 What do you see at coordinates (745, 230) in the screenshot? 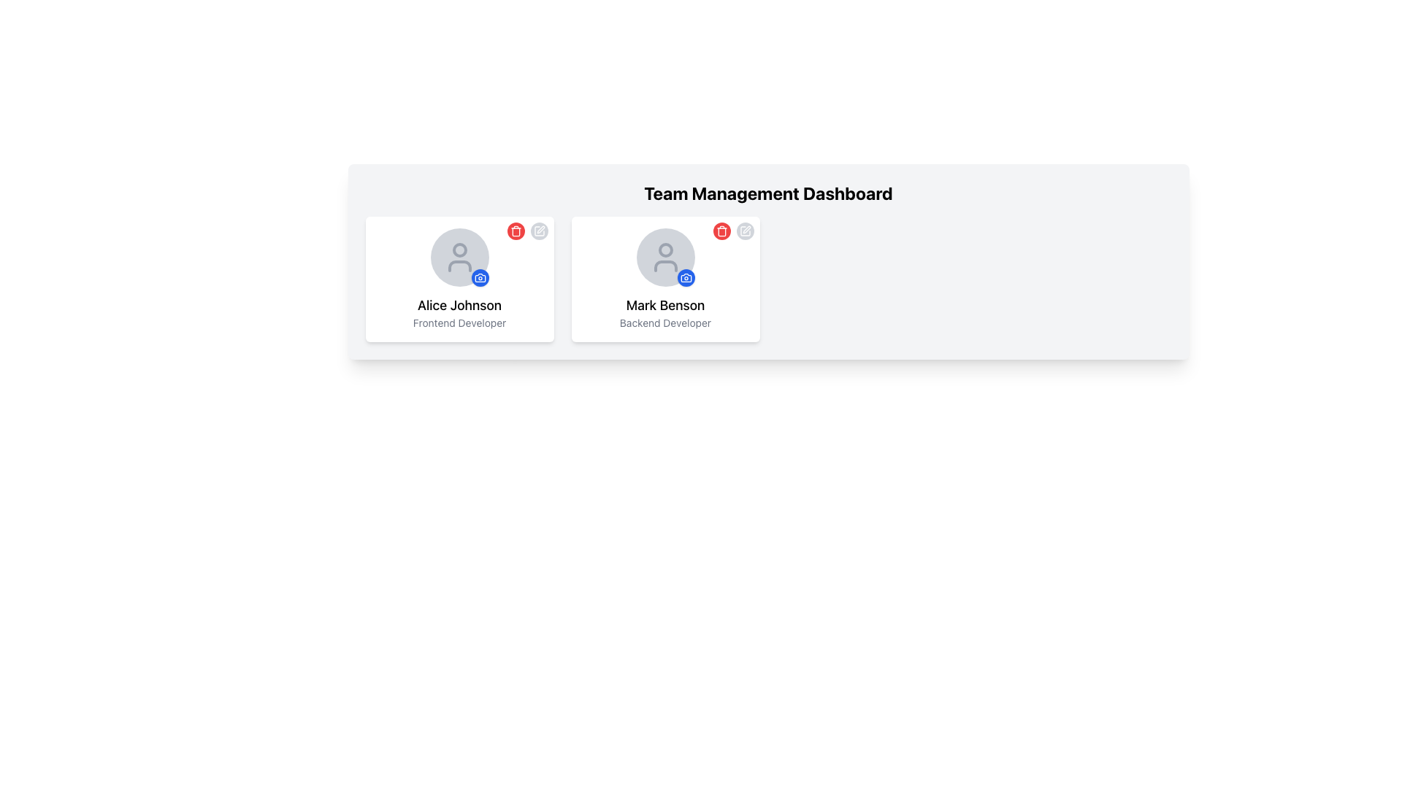
I see `the edit icon located in the upper-right corner of Mark Benson's user card` at bounding box center [745, 230].